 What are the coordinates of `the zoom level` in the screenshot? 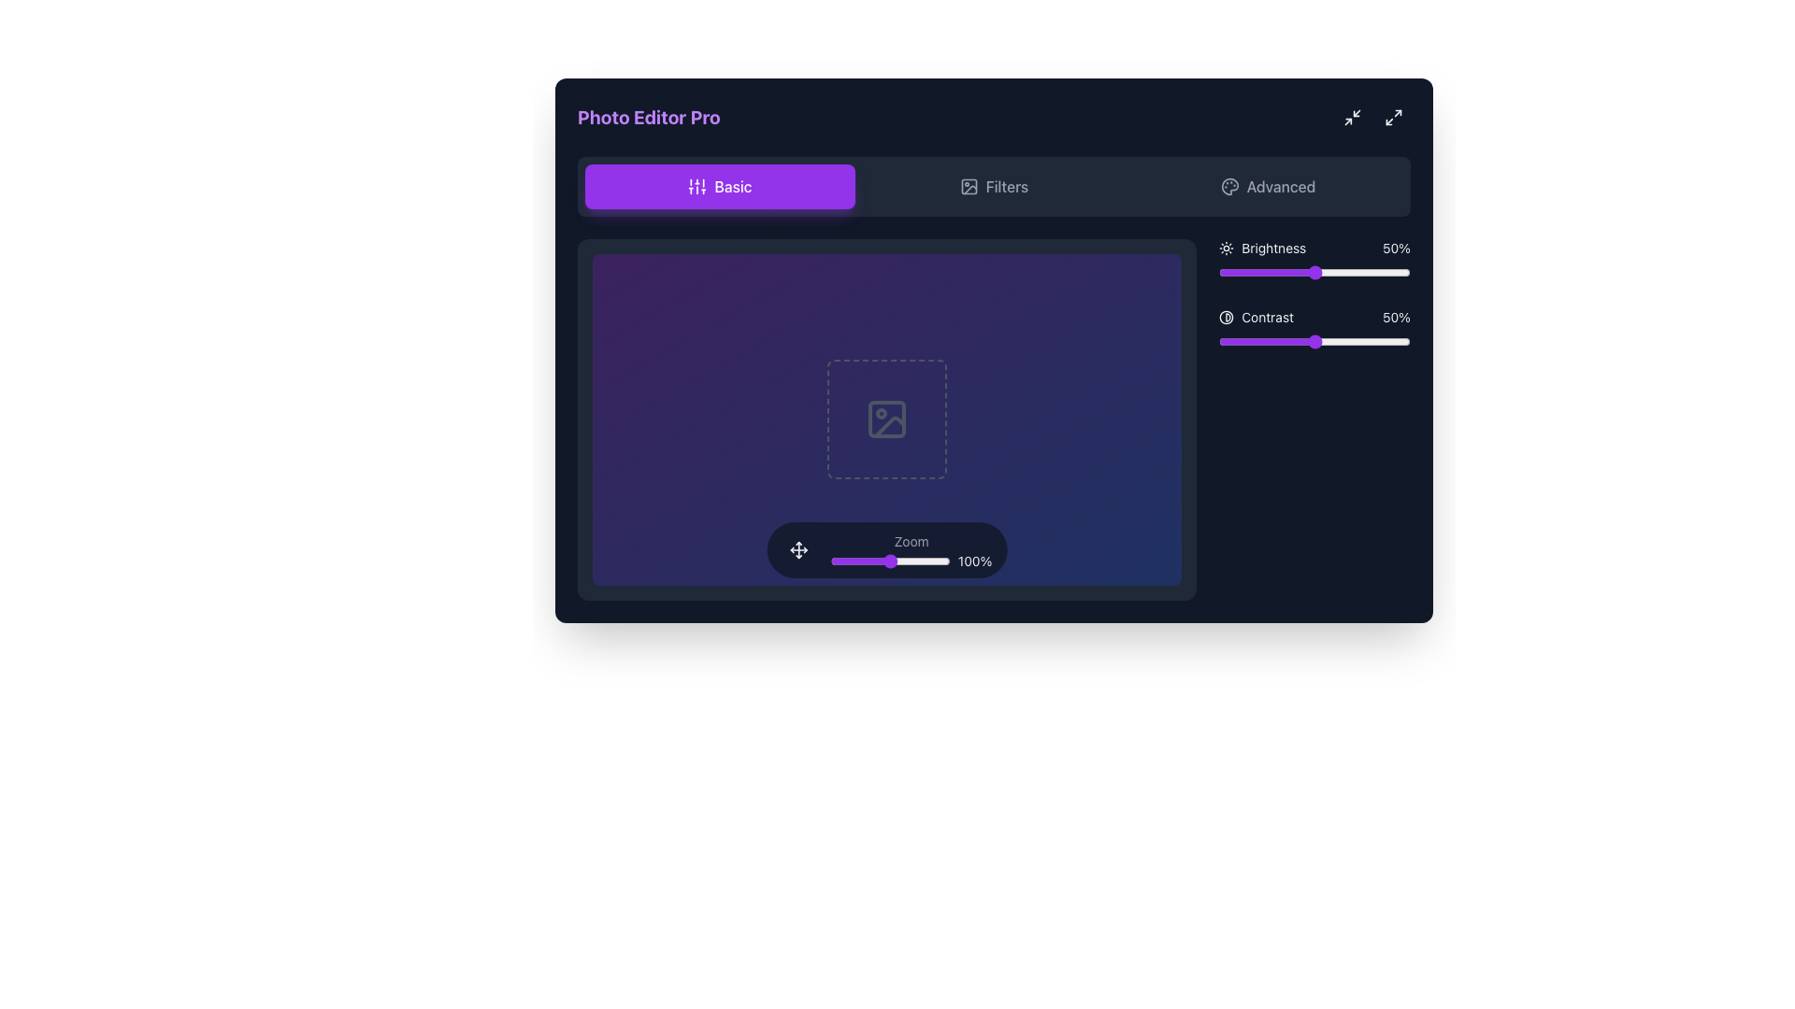 It's located at (837, 560).